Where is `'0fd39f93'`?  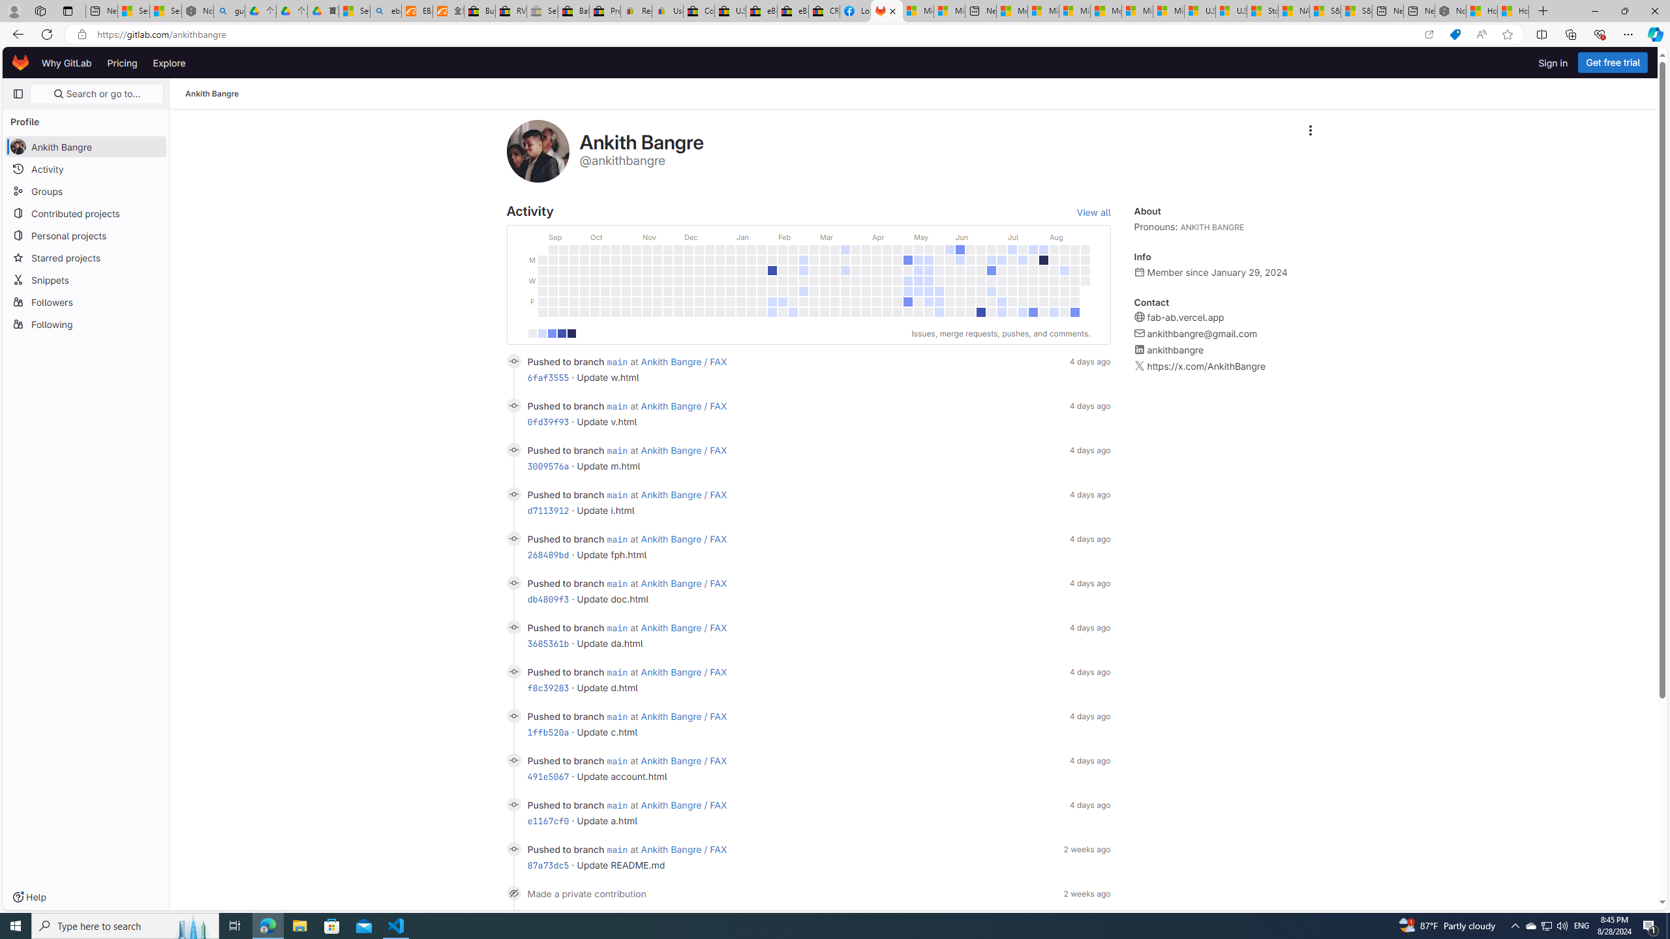
'0fd39f93' is located at coordinates (547, 422).